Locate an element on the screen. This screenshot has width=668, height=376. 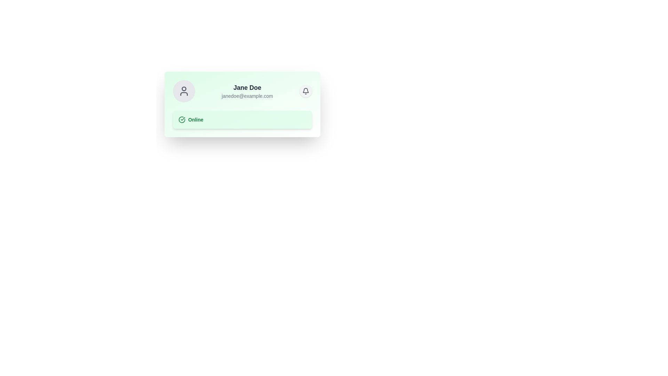
the static text label displaying the user's name, located at the center-top of the profile card, above the email address is located at coordinates (247, 87).